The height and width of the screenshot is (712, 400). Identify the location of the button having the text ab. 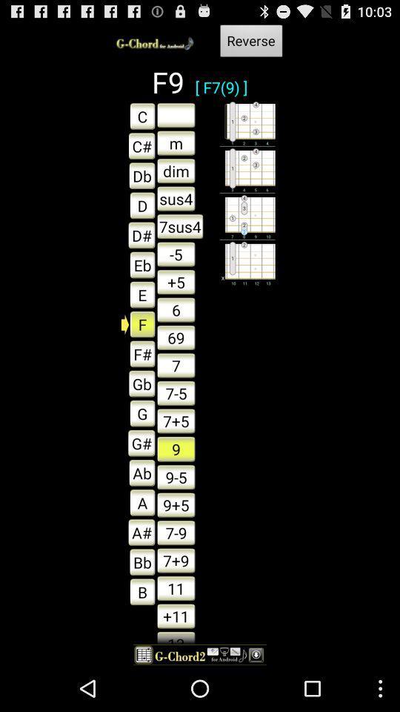
(138, 472).